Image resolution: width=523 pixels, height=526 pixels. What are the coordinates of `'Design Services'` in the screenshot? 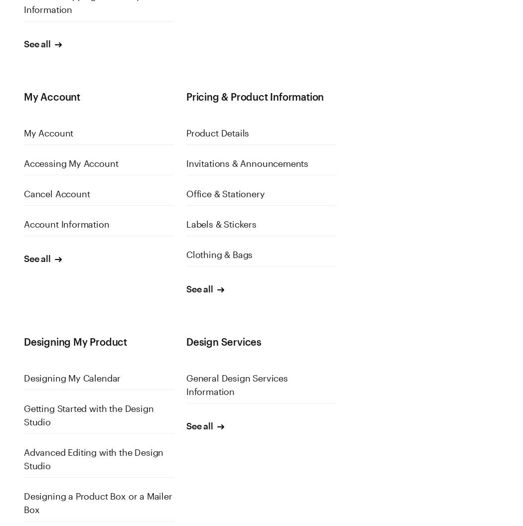 It's located at (223, 341).